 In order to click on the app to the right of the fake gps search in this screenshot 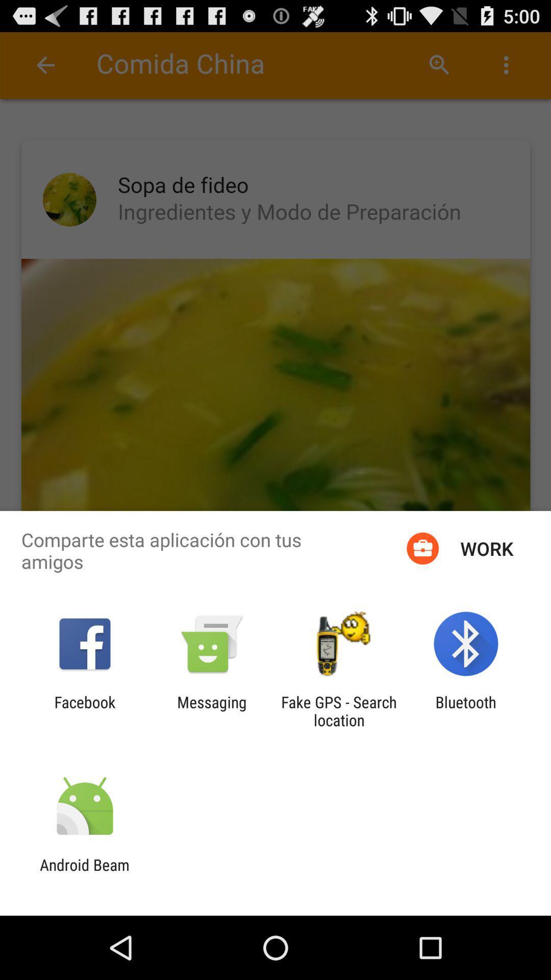, I will do `click(466, 710)`.